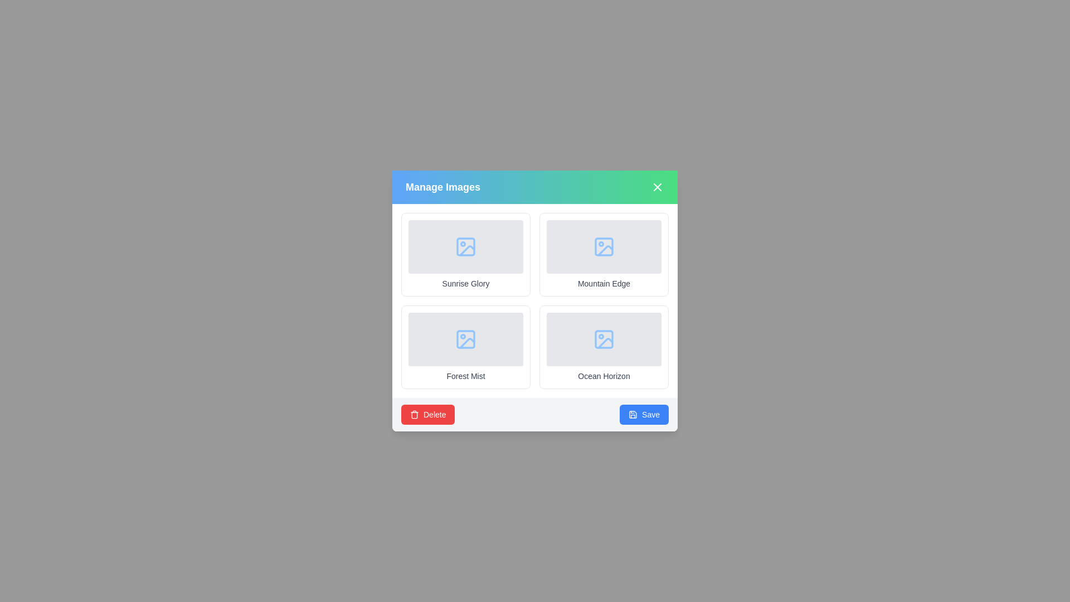 This screenshot has height=602, width=1070. What do you see at coordinates (465, 339) in the screenshot?
I see `the icon located in the bottom-left corner of the grid in the 'Manage Images' modal` at bounding box center [465, 339].